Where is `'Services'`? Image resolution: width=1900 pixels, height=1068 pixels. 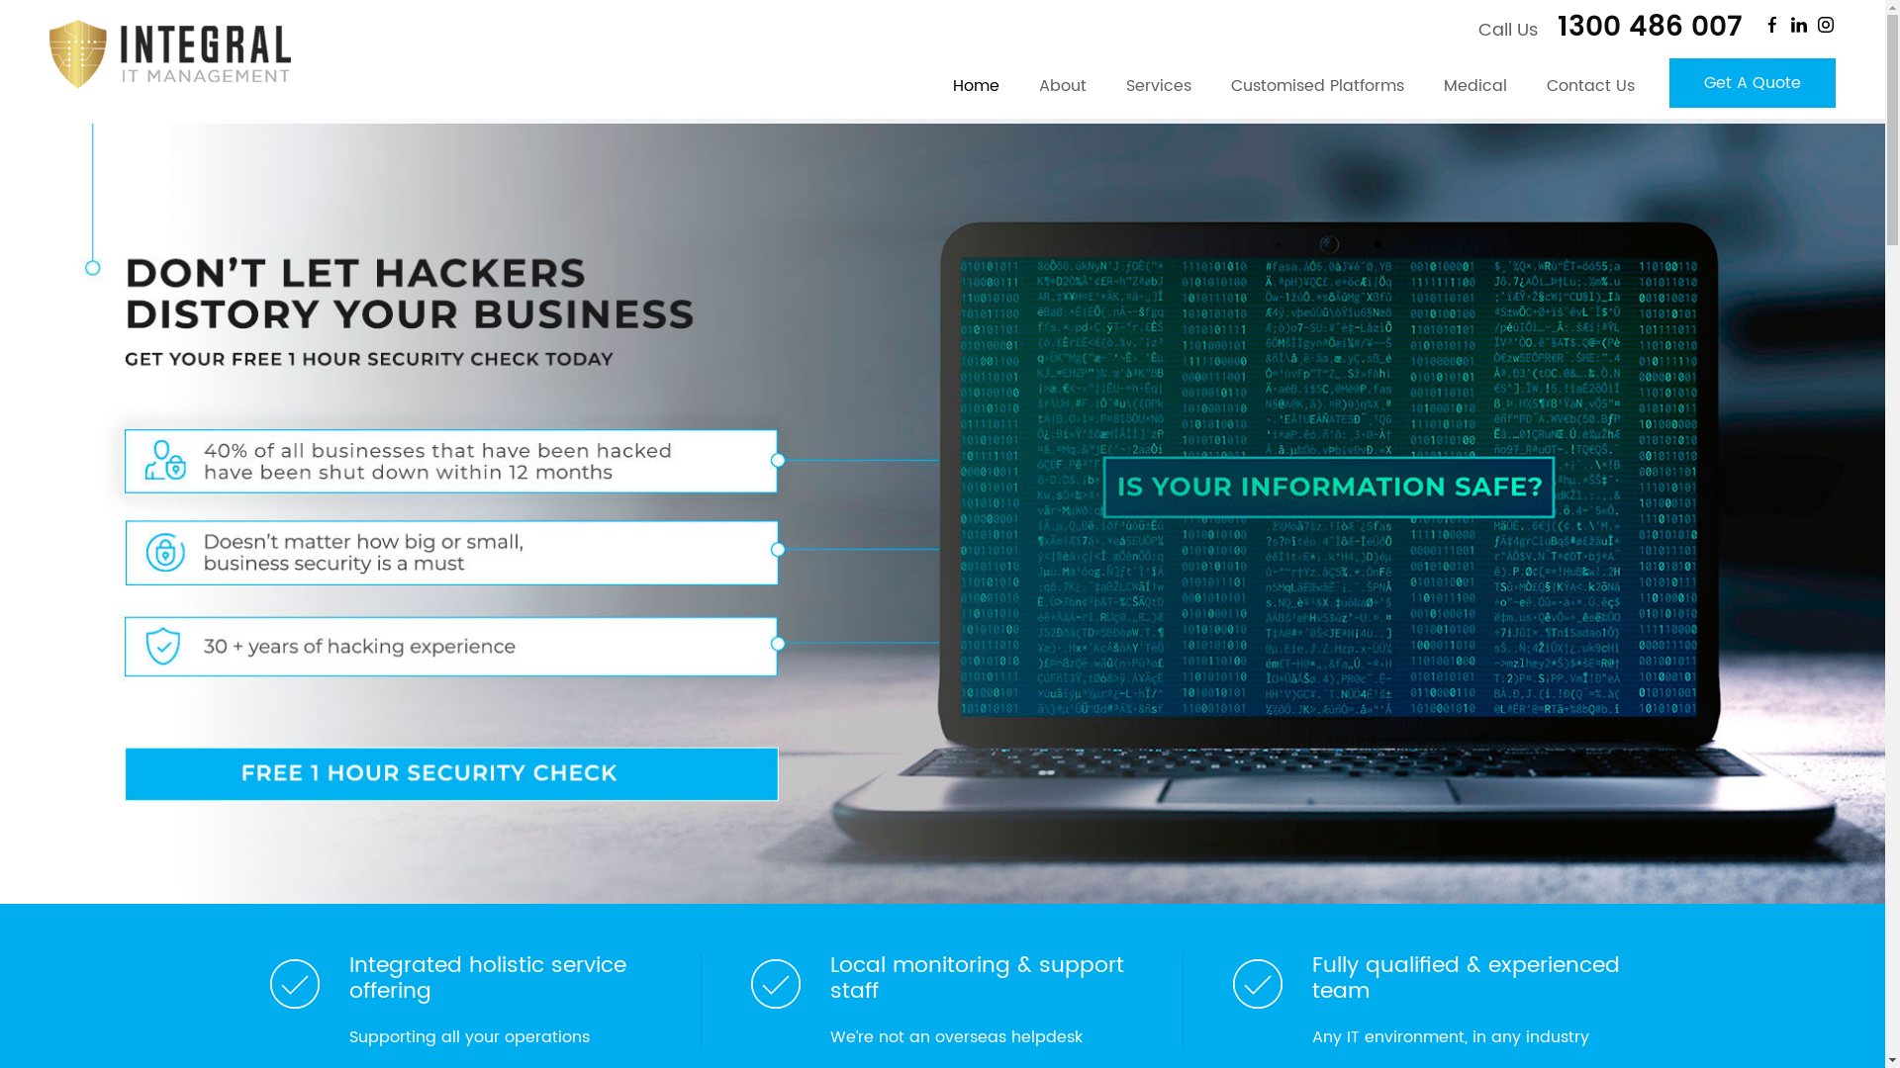
'Services' is located at coordinates (1159, 91).